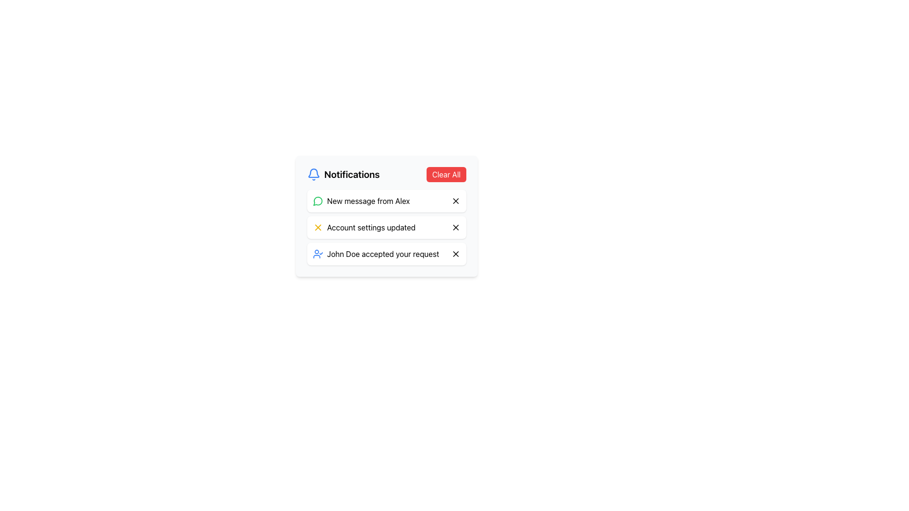 This screenshot has width=909, height=511. I want to click on the Notification card that informs the user of 'John Doe accepted your request', which is the third notification in the vertical list within the notification panel, so click(386, 253).